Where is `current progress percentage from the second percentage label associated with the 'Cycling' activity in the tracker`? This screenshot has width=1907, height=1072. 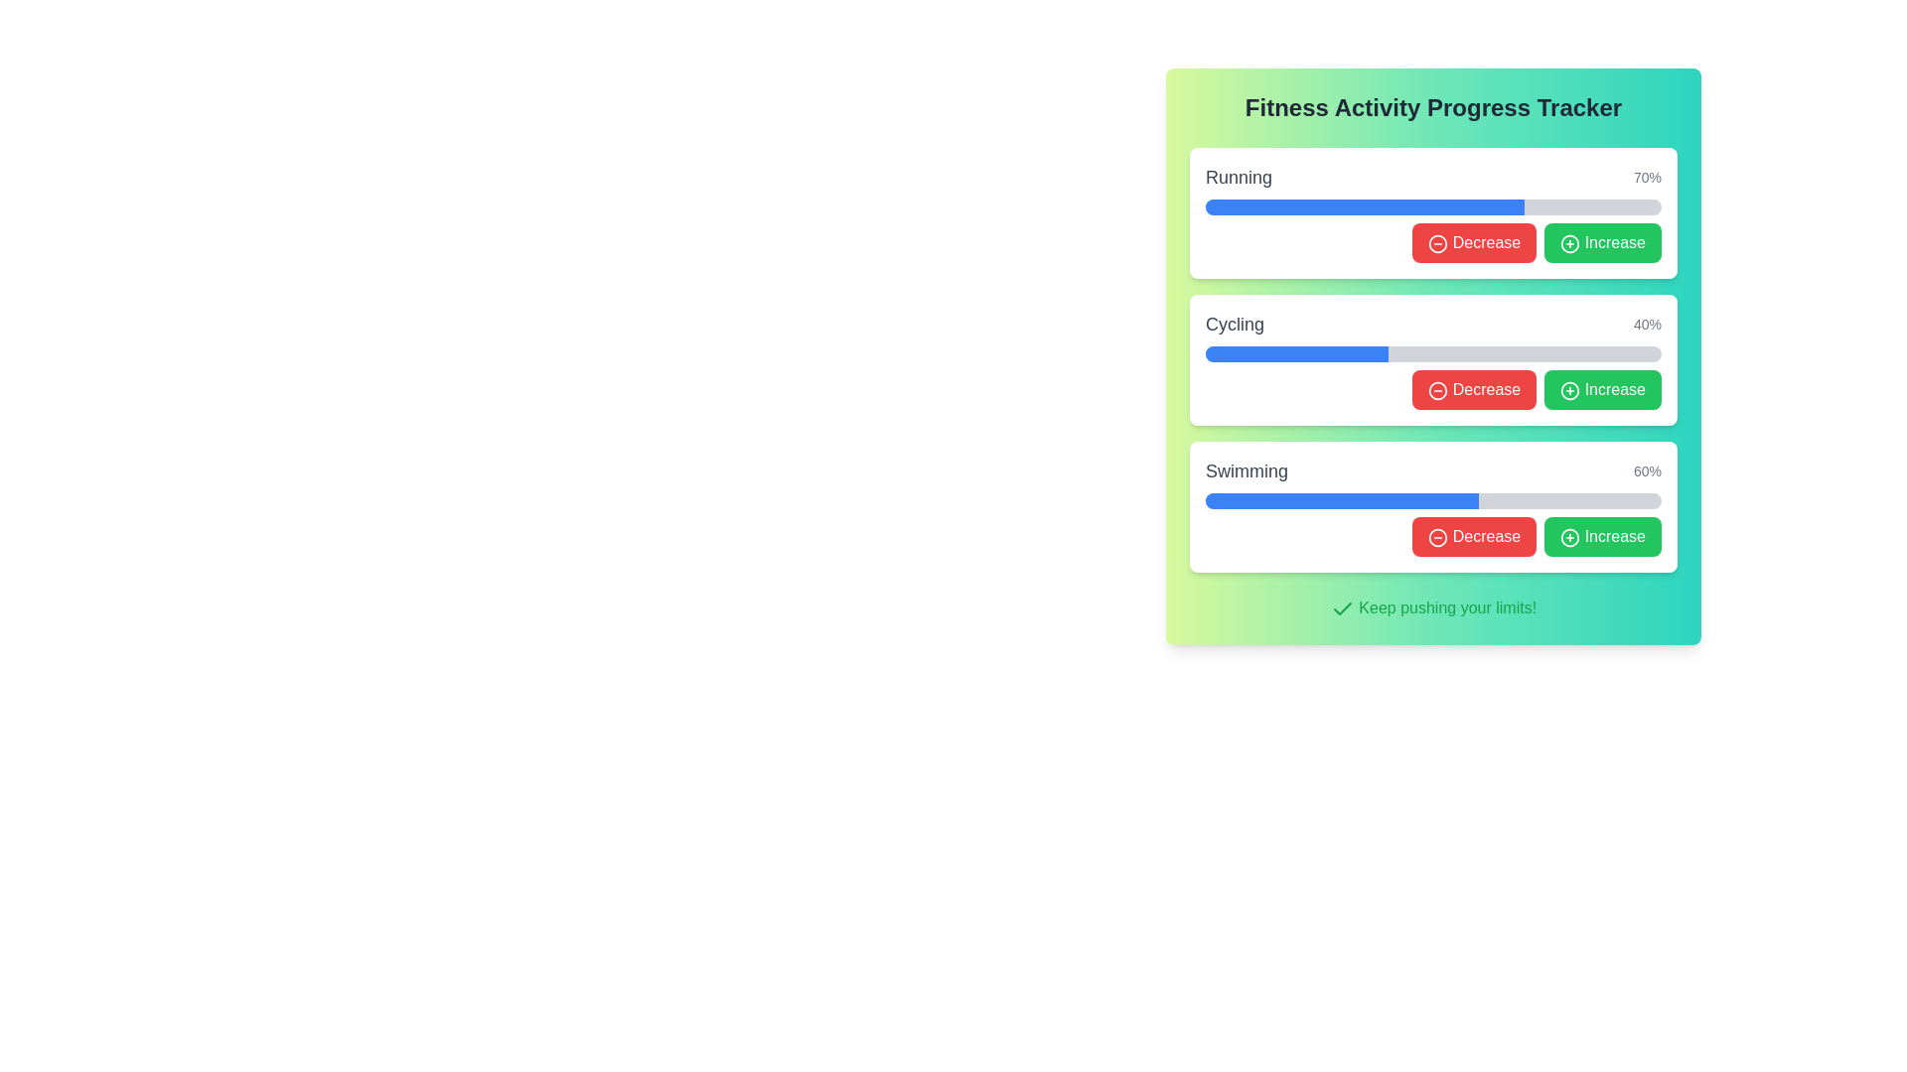 current progress percentage from the second percentage label associated with the 'Cycling' activity in the tracker is located at coordinates (1648, 324).